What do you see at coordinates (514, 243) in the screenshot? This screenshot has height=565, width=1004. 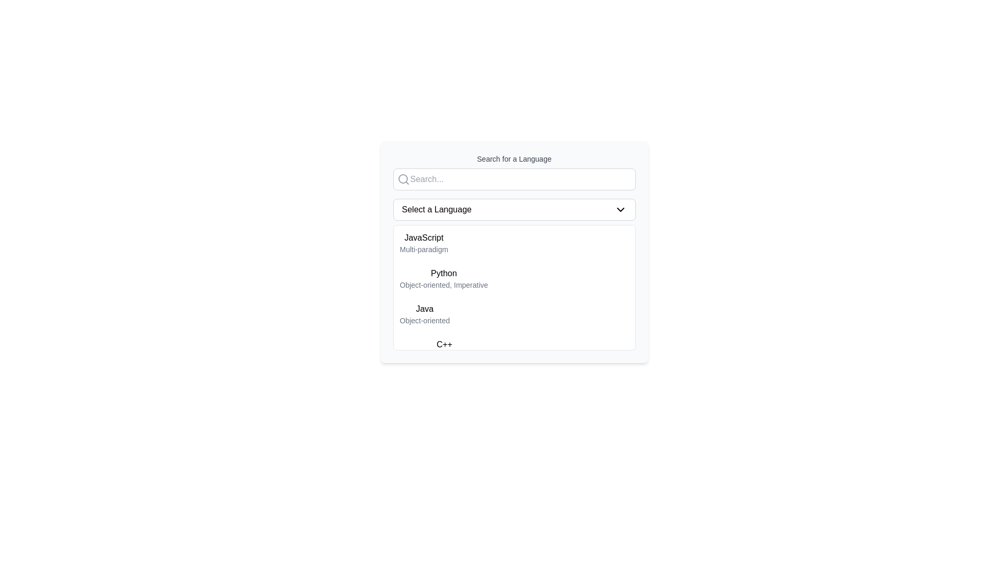 I see `the first list item displaying 'JavaScript' in bold followed by 'Multi-paradigm' in a smaller font, located below the 'Select a Language' dropdown` at bounding box center [514, 243].